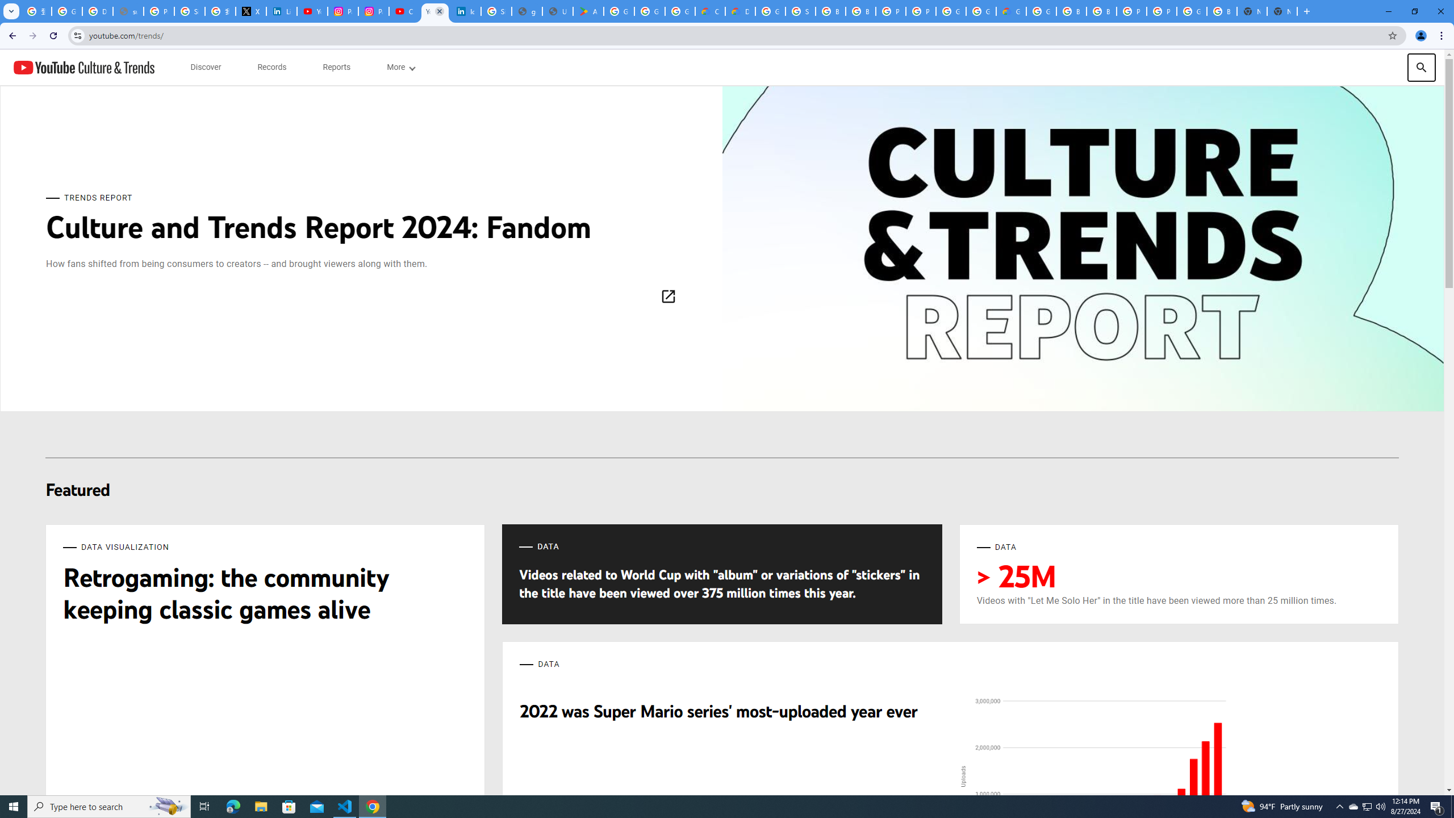 This screenshot has height=818, width=1454. What do you see at coordinates (951, 11) in the screenshot?
I see `'Google Cloud Platform'` at bounding box center [951, 11].